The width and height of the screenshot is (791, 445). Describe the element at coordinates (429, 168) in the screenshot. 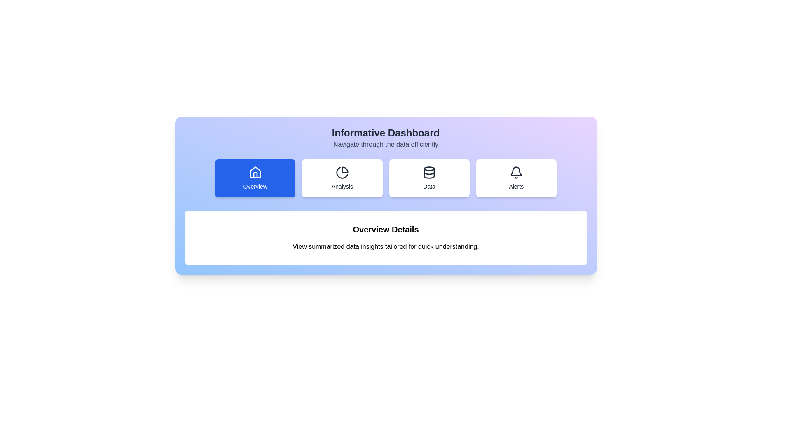

I see `the top elliptical shape of the database icon located in the 'Data' tile of the main navigation interface` at that location.